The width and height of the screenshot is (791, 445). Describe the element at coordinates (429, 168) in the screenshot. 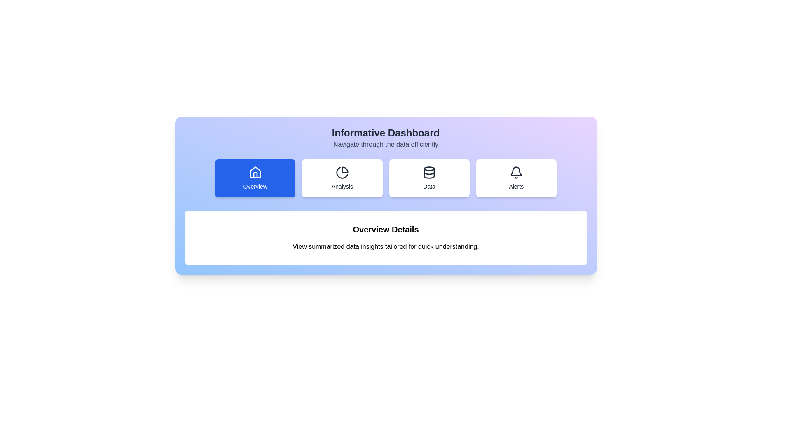

I see `the top elliptical shape of the database icon located in the 'Data' tile of the main navigation interface` at that location.